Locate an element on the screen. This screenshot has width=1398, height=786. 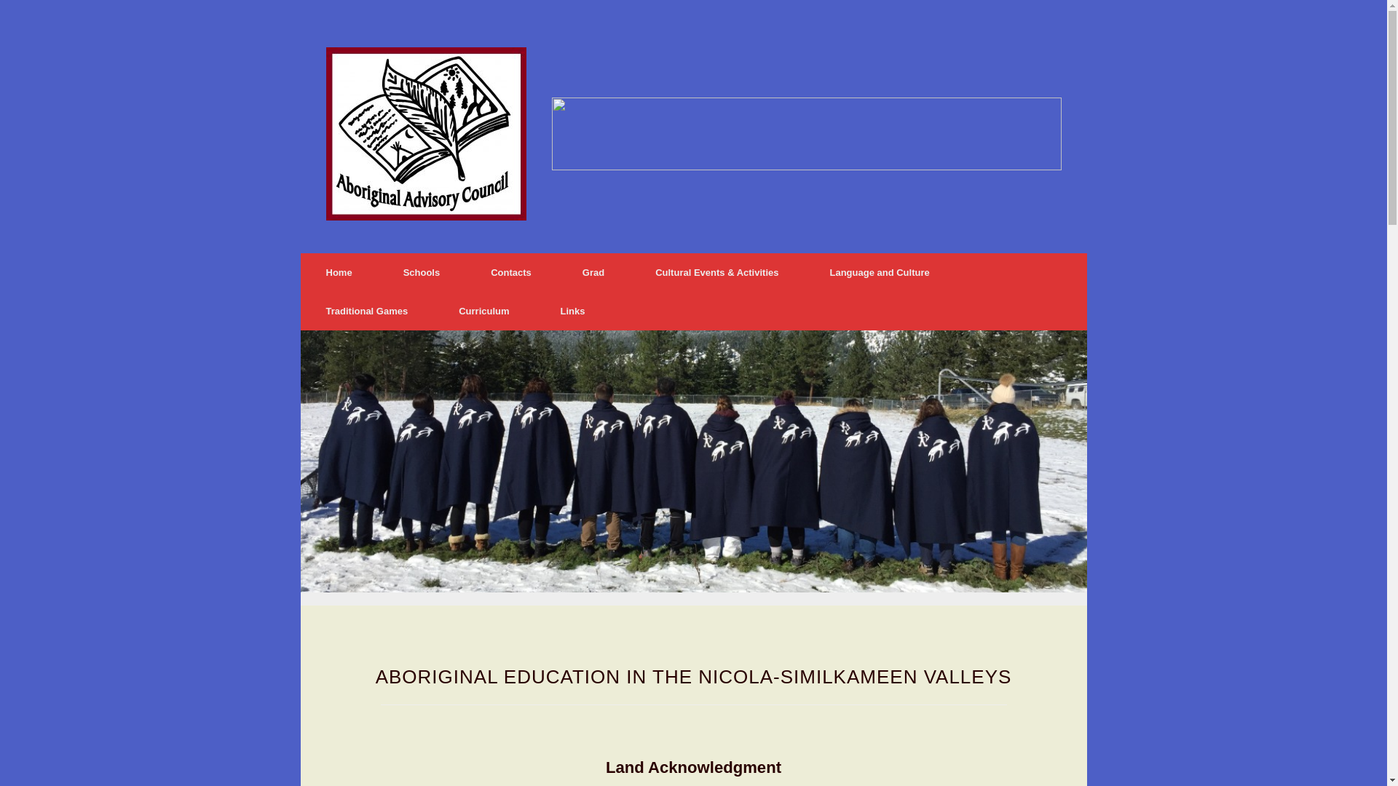
'Curriculum' is located at coordinates (483, 310).